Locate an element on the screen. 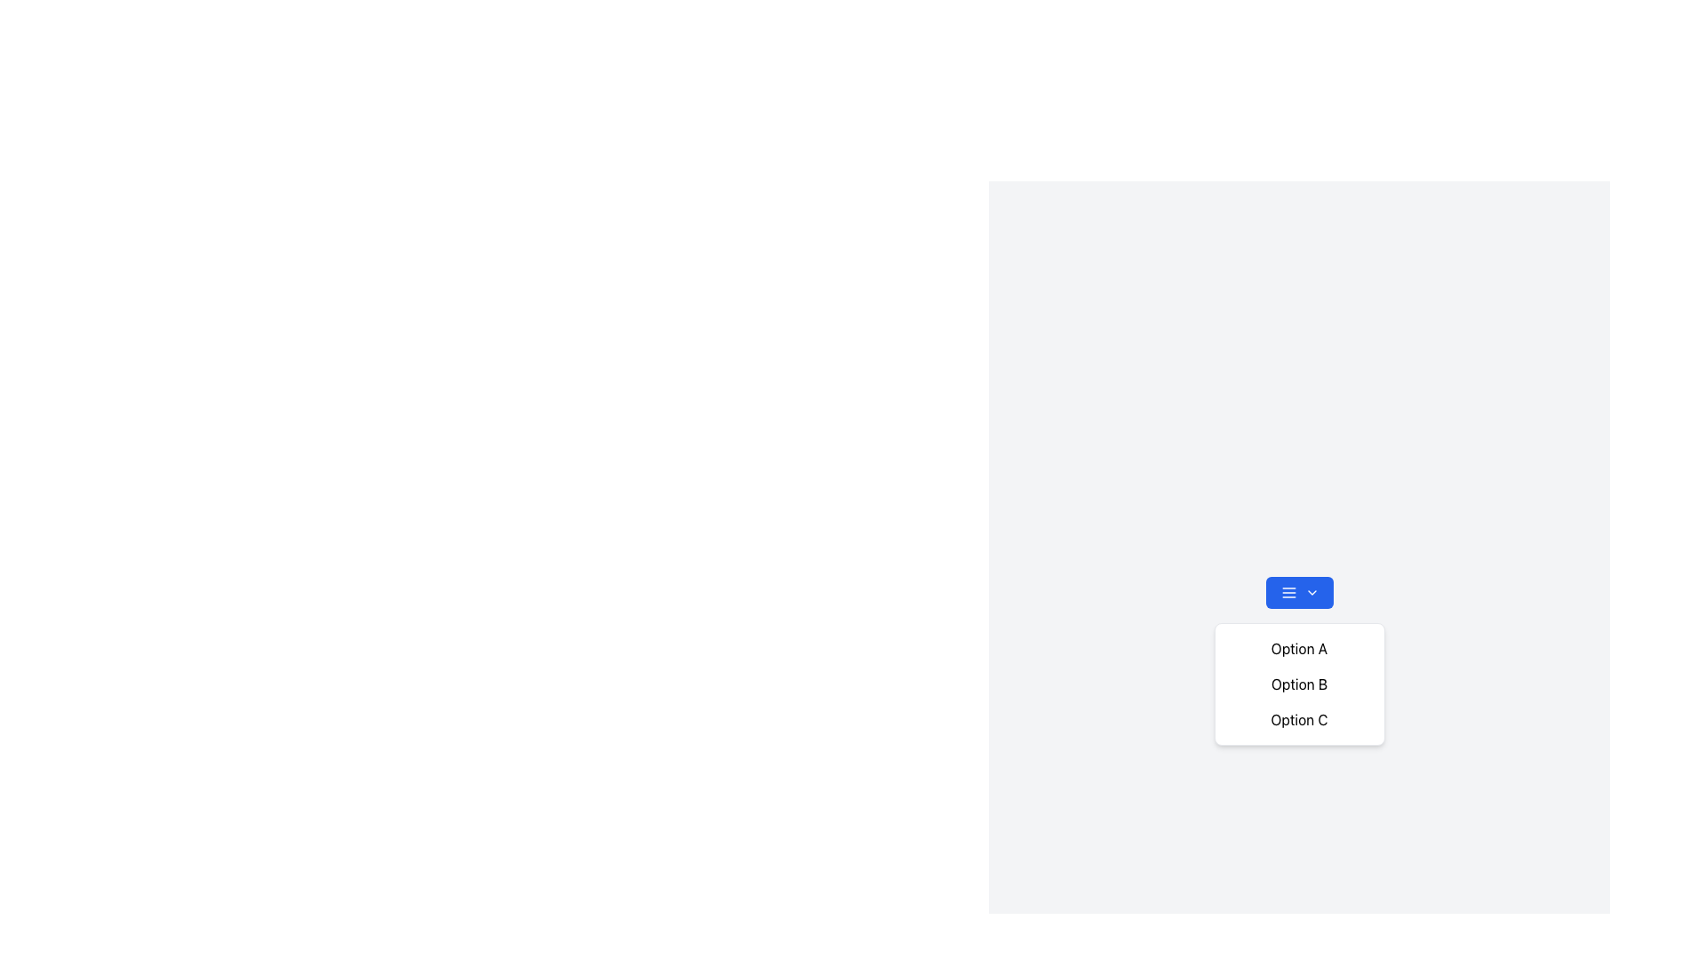 The width and height of the screenshot is (1706, 960). to select the third option in the dropdown menu located below 'Option B' in the top-right quadrant of the interface is located at coordinates (1299, 720).